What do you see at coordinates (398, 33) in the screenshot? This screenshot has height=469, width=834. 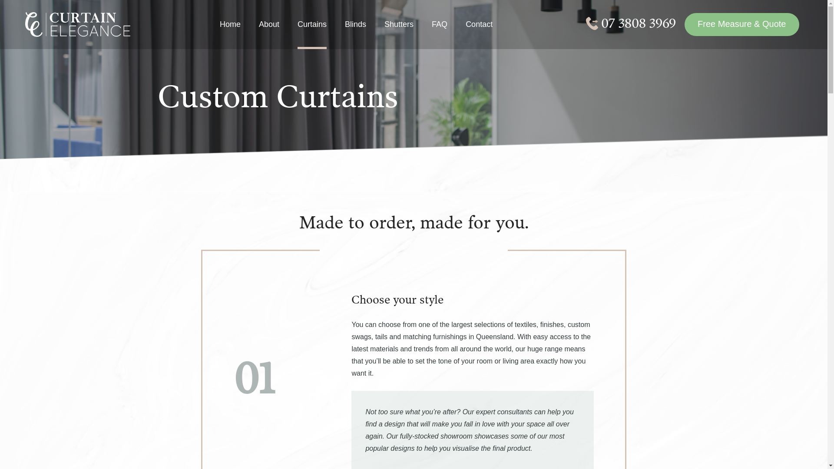 I see `'Shutters'` at bounding box center [398, 33].